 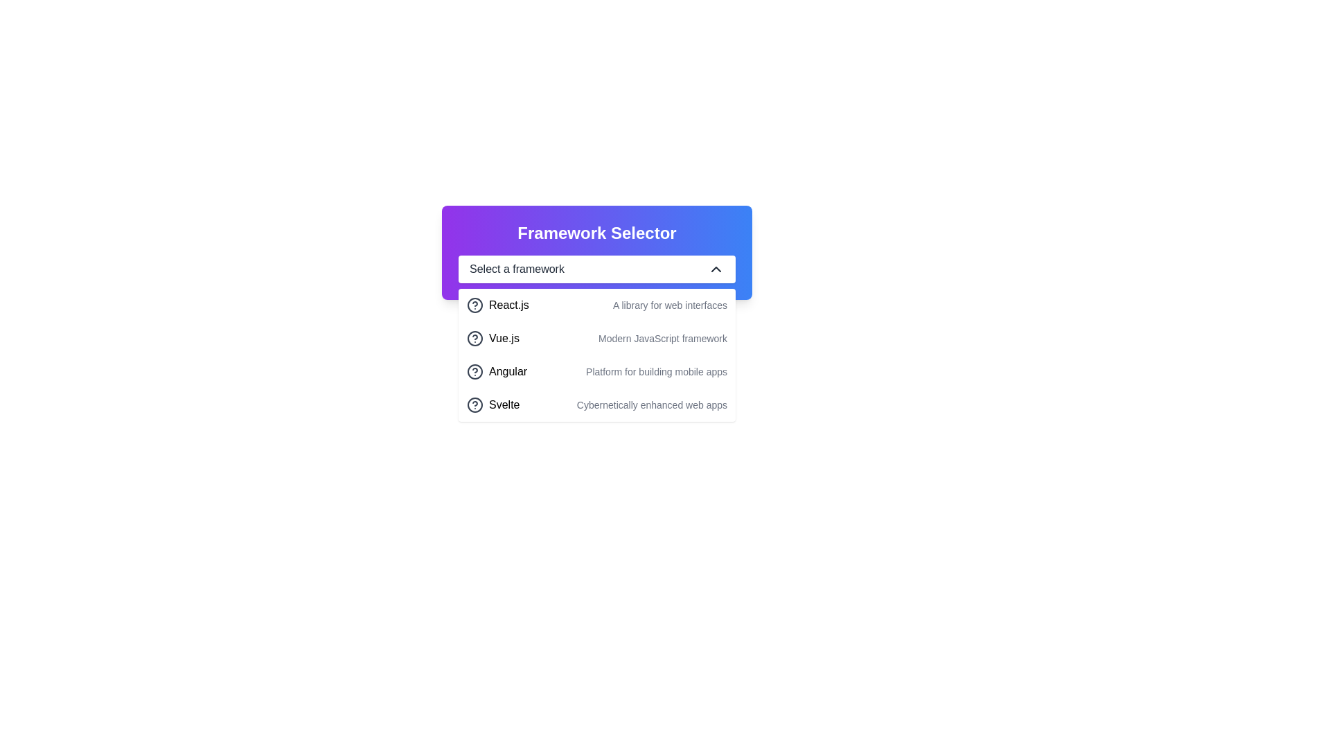 What do you see at coordinates (507, 371) in the screenshot?
I see `the 'Angular' text label, which is the third item in the 'Framework Selector' dropdown menu` at bounding box center [507, 371].